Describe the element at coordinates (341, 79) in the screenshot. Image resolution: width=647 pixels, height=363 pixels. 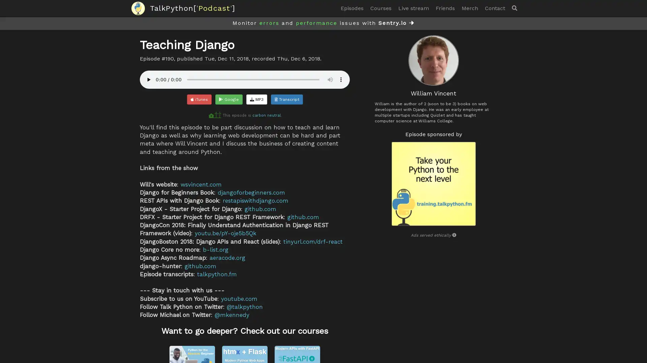
I see `show more media controls` at that location.